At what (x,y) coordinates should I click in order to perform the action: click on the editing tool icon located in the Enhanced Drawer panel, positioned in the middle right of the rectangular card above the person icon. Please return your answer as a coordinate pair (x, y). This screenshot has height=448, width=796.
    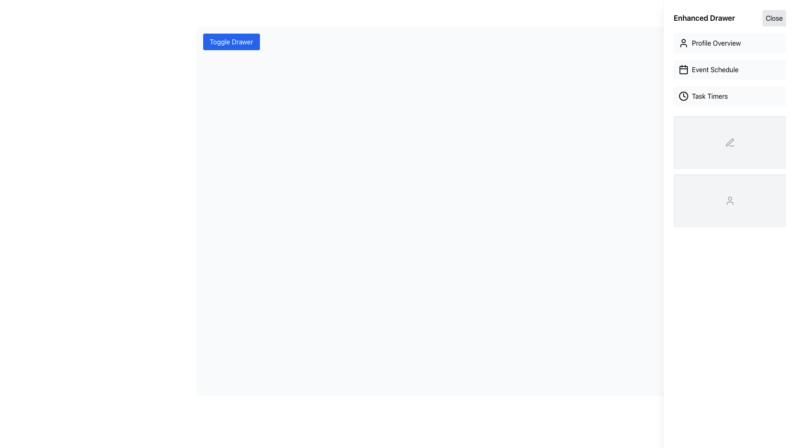
    Looking at the image, I should click on (730, 142).